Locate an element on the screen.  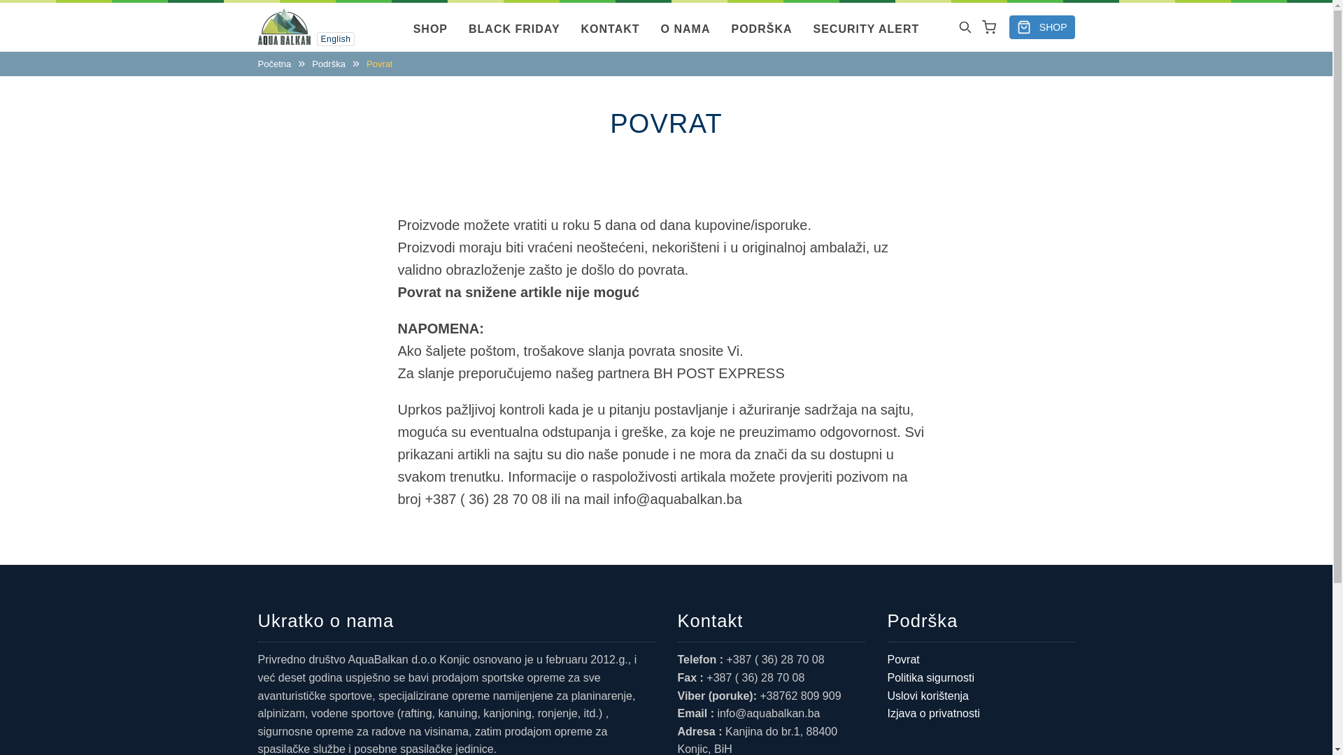
'English' is located at coordinates (315, 38).